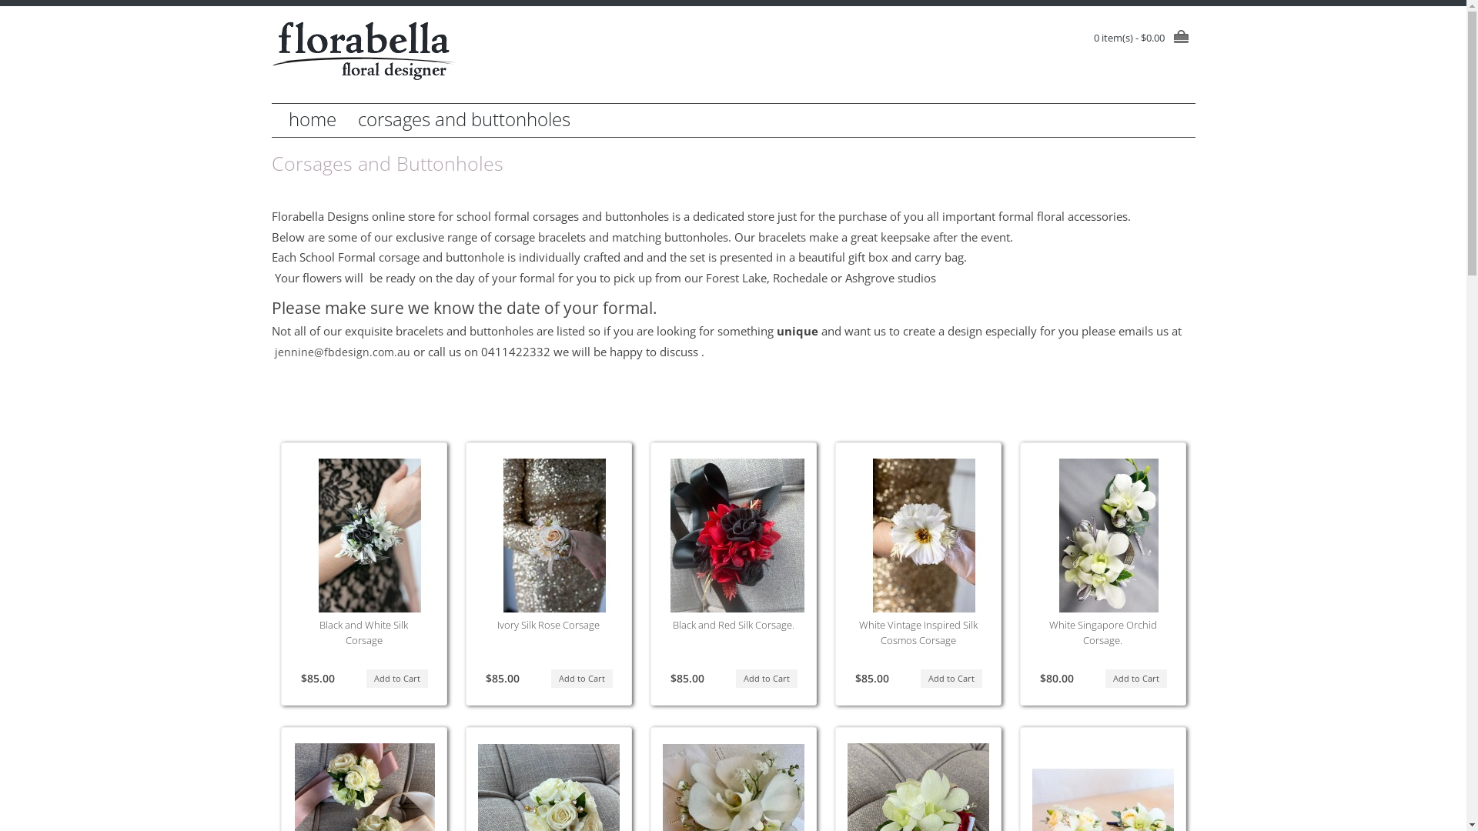 Image resolution: width=1478 pixels, height=831 pixels. Describe the element at coordinates (462, 118) in the screenshot. I see `'corsages and buttonholes'` at that location.